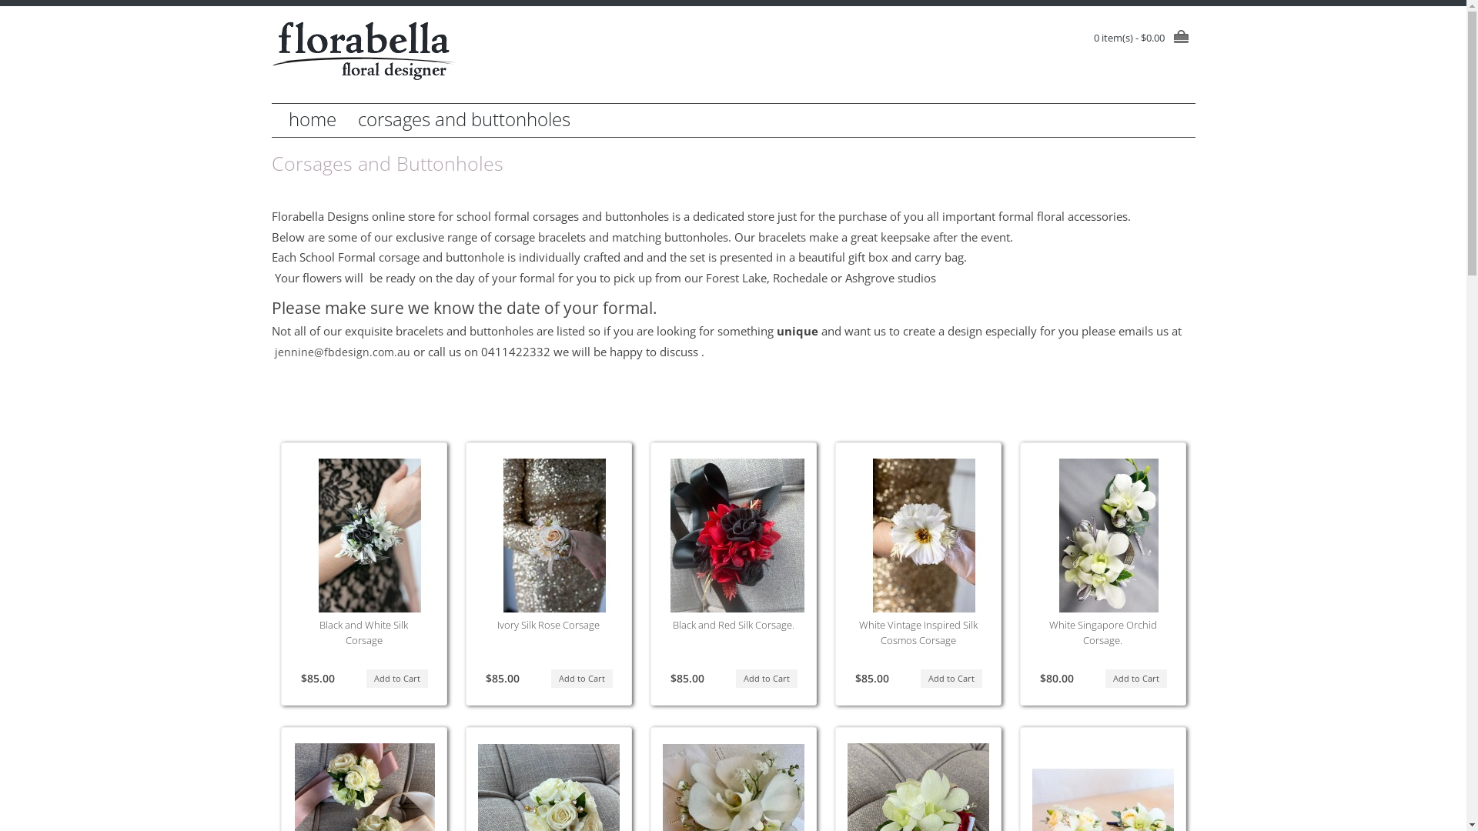 Image resolution: width=1478 pixels, height=831 pixels. Describe the element at coordinates (462, 118) in the screenshot. I see `'corsages and buttonholes'` at that location.